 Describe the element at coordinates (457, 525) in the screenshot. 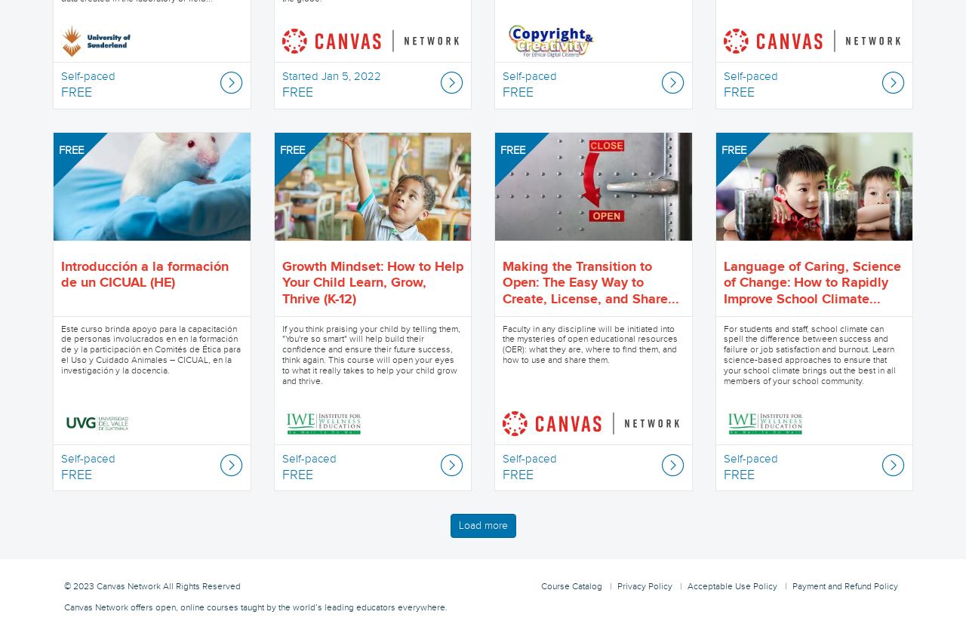

I see `'Load more'` at that location.